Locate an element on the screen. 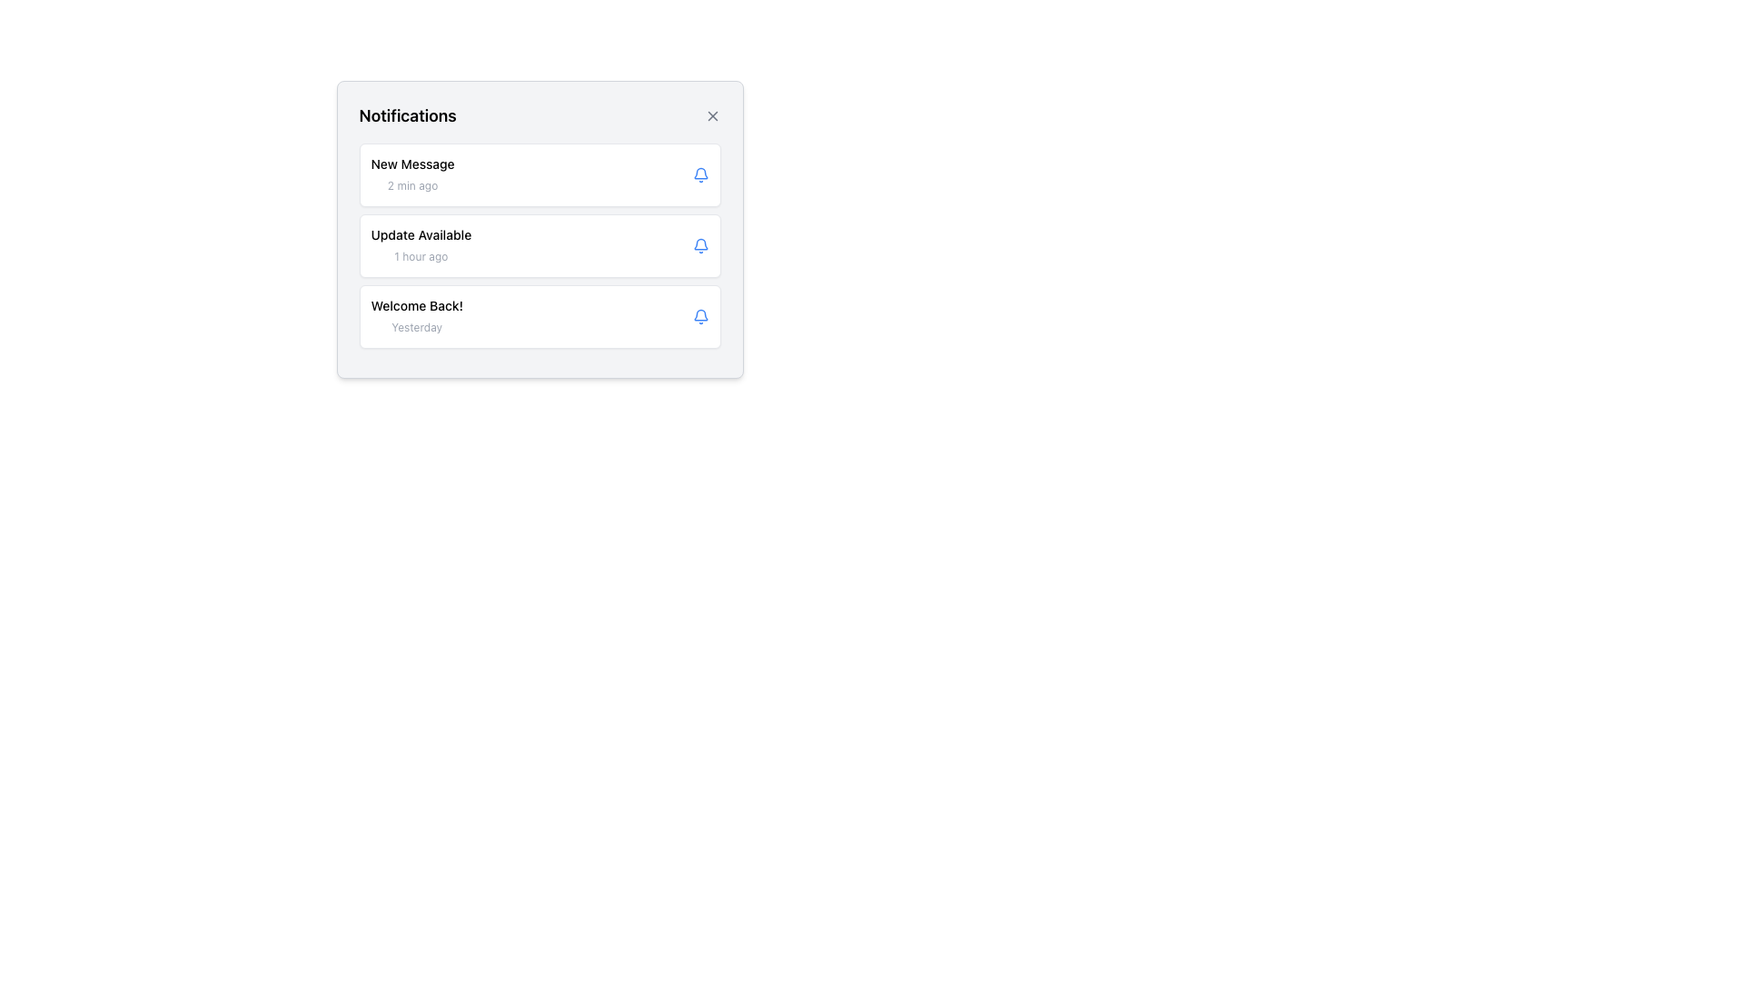 This screenshot has height=981, width=1744. information from the text block containing 'Welcome Back!' and 'Yesterday' located in the bottommost notification card in the vertical list of notifications is located at coordinates (416, 315).